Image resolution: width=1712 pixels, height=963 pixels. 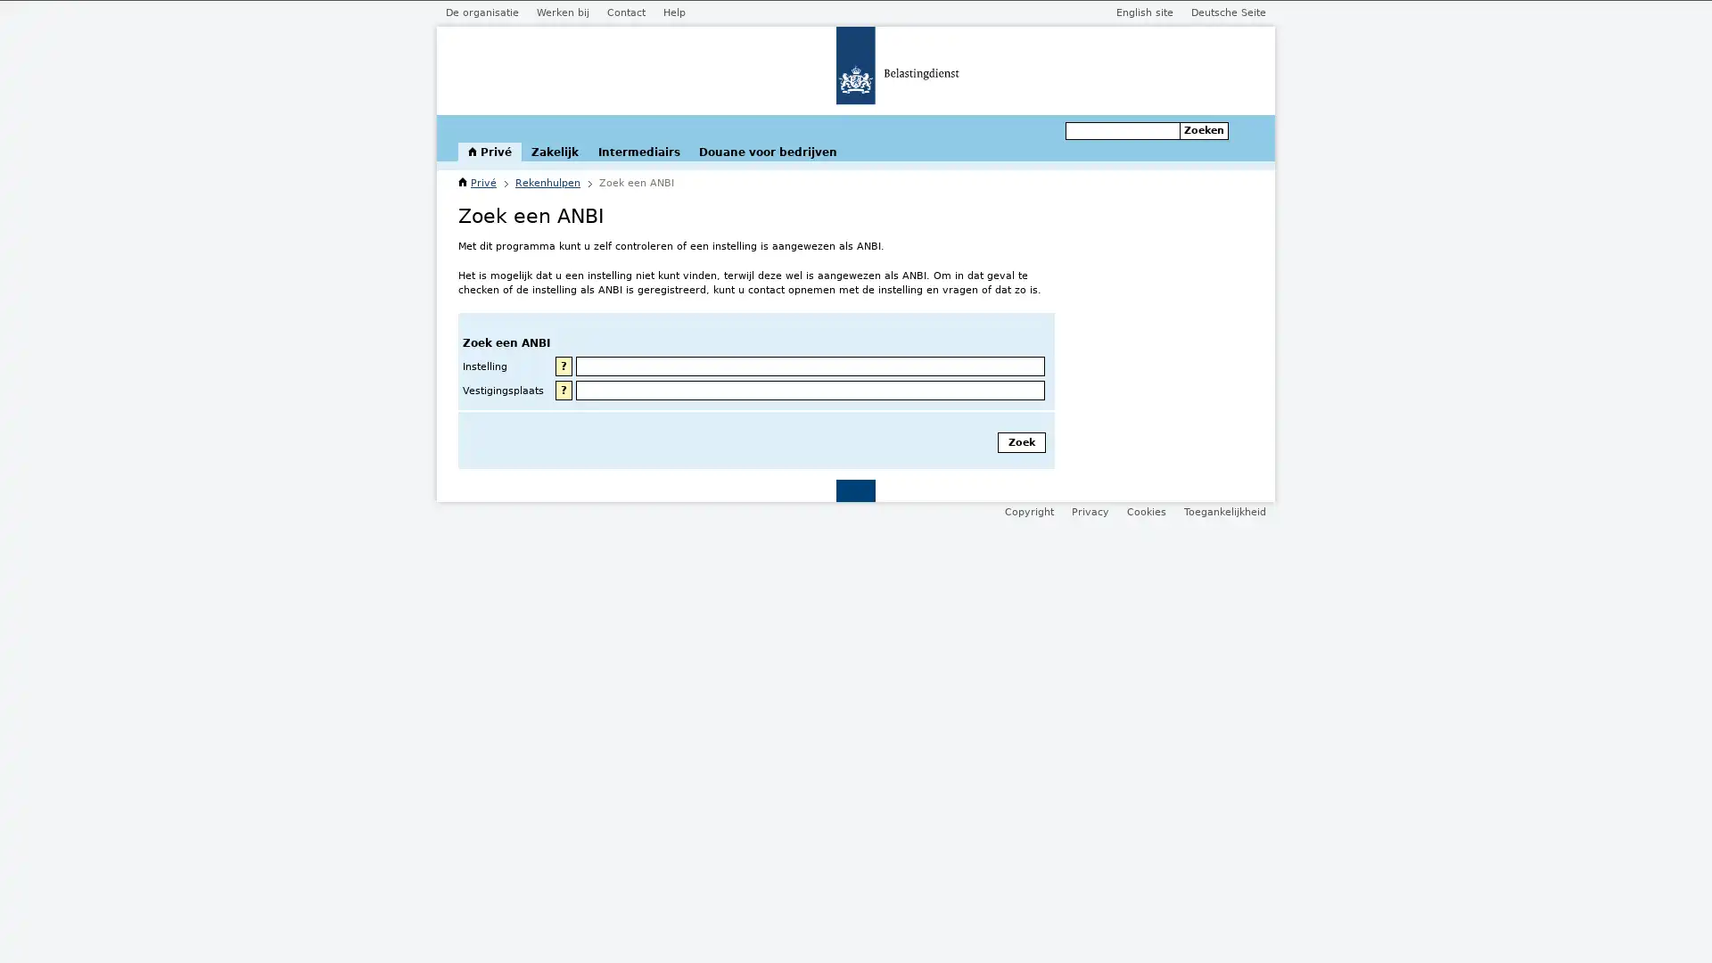 What do you see at coordinates (1204, 129) in the screenshot?
I see `Zoeken` at bounding box center [1204, 129].